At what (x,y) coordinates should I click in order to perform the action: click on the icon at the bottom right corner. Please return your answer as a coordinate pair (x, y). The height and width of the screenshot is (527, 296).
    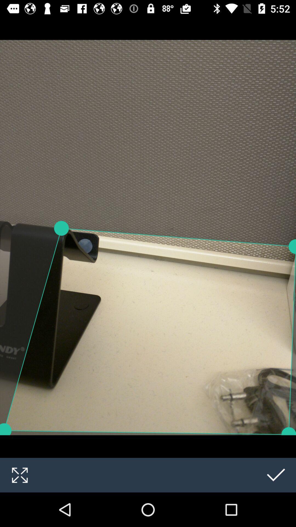
    Looking at the image, I should click on (276, 475).